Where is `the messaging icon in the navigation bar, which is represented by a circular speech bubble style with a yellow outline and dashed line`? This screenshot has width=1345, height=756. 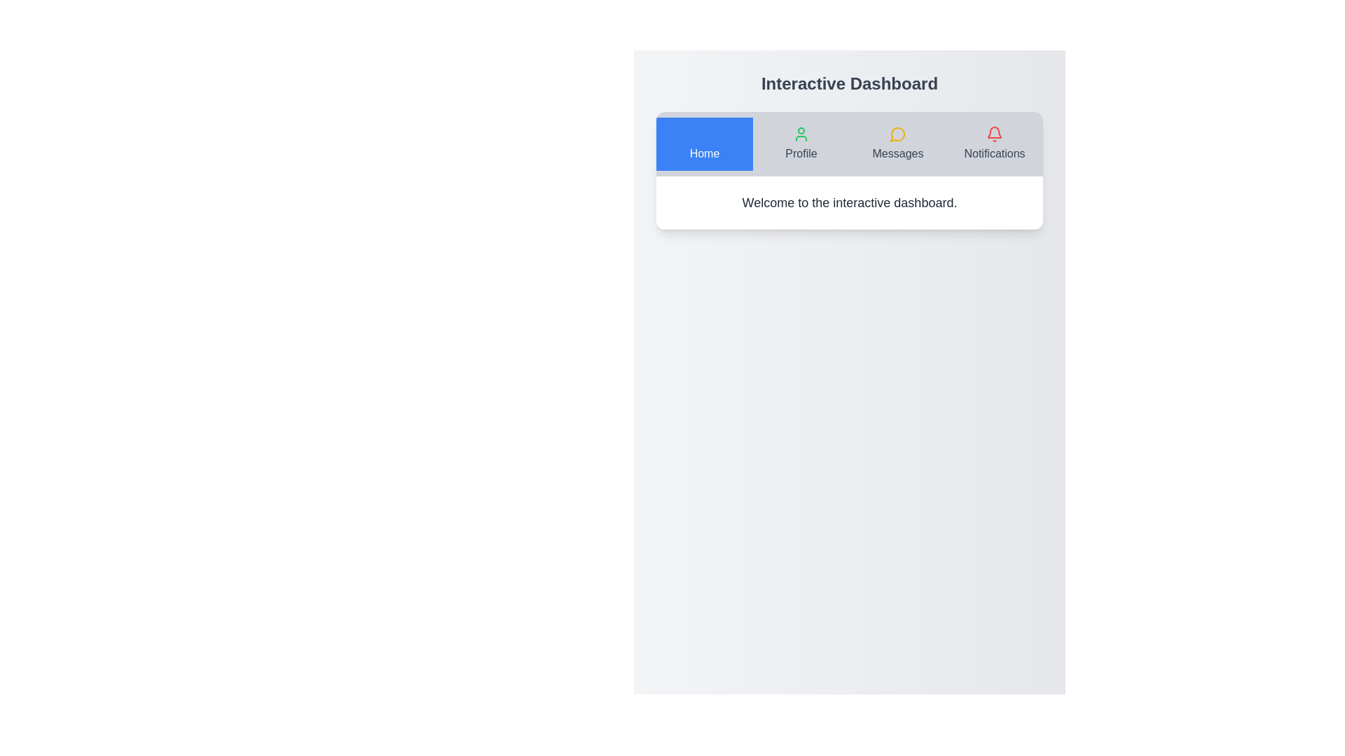
the messaging icon in the navigation bar, which is represented by a circular speech bubble style with a yellow outline and dashed line is located at coordinates (897, 134).